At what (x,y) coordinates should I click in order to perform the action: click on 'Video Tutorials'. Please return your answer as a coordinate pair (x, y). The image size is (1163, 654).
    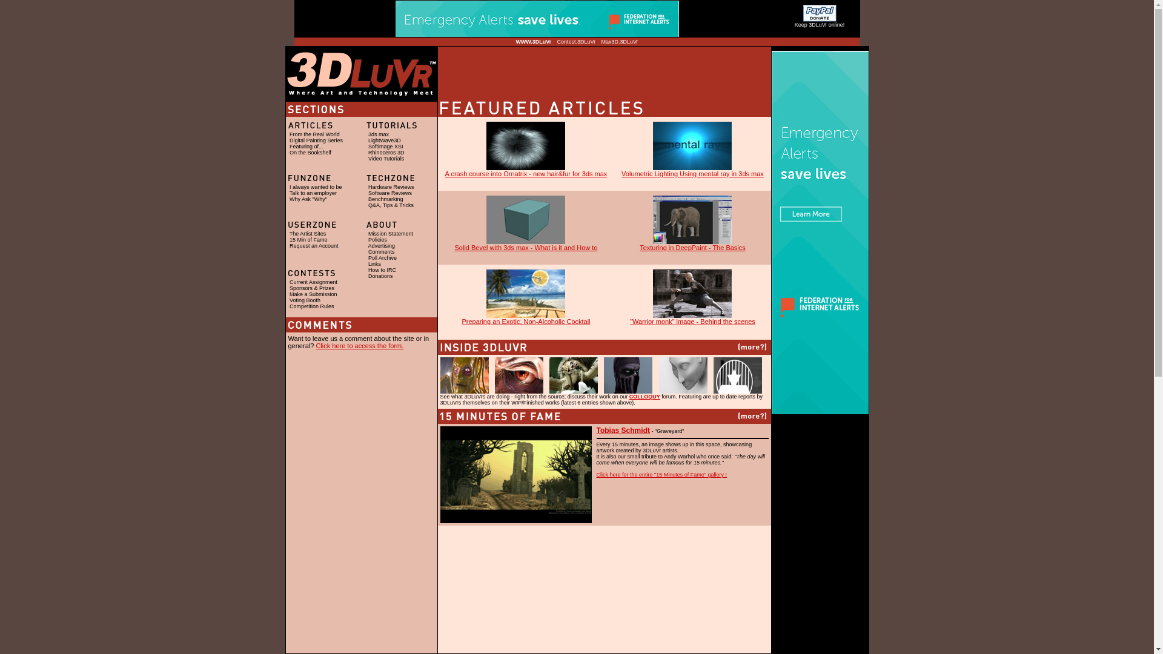
    Looking at the image, I should click on (368, 158).